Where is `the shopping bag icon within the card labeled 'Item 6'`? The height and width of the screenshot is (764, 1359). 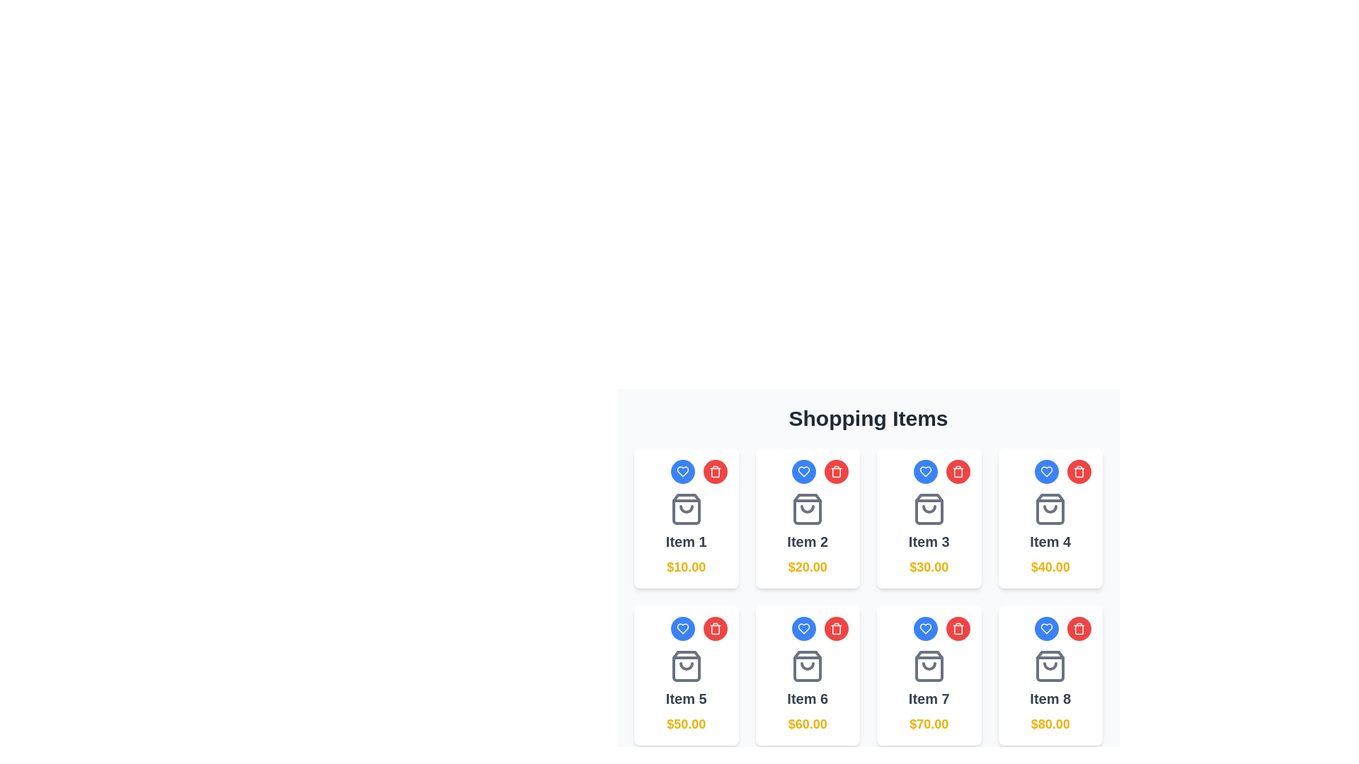 the shopping bag icon within the card labeled 'Item 6' is located at coordinates (808, 666).